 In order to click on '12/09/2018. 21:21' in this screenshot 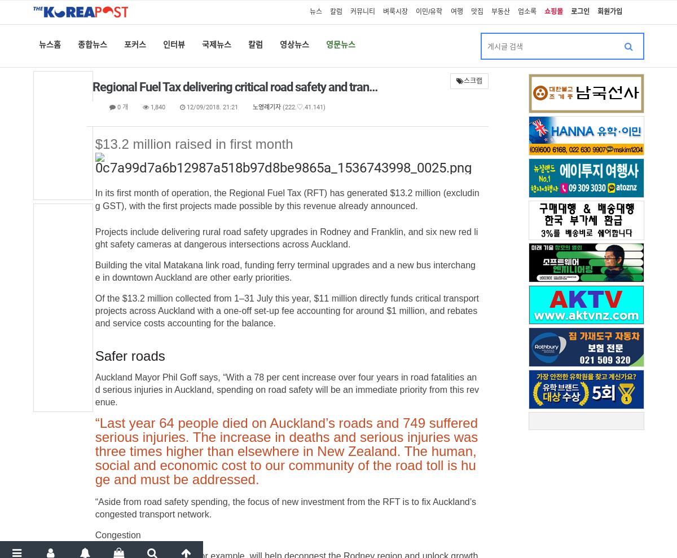, I will do `click(212, 107)`.